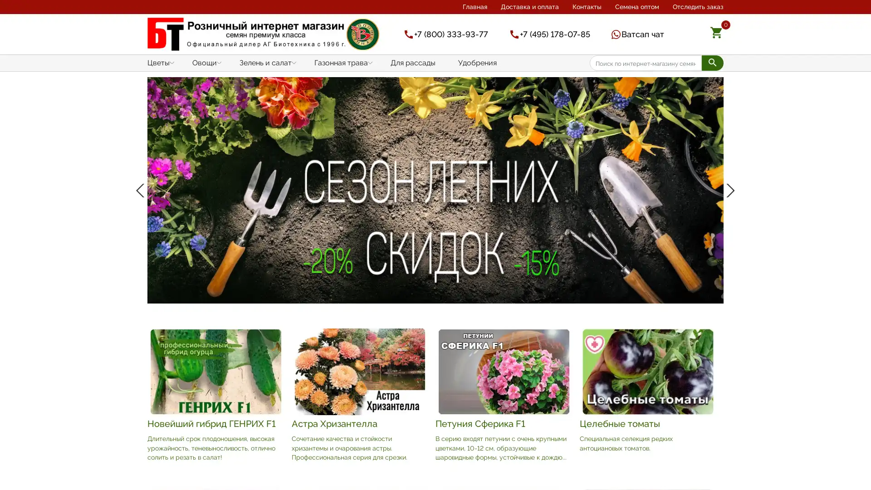 This screenshot has width=871, height=490. What do you see at coordinates (729, 190) in the screenshot?
I see `Next` at bounding box center [729, 190].